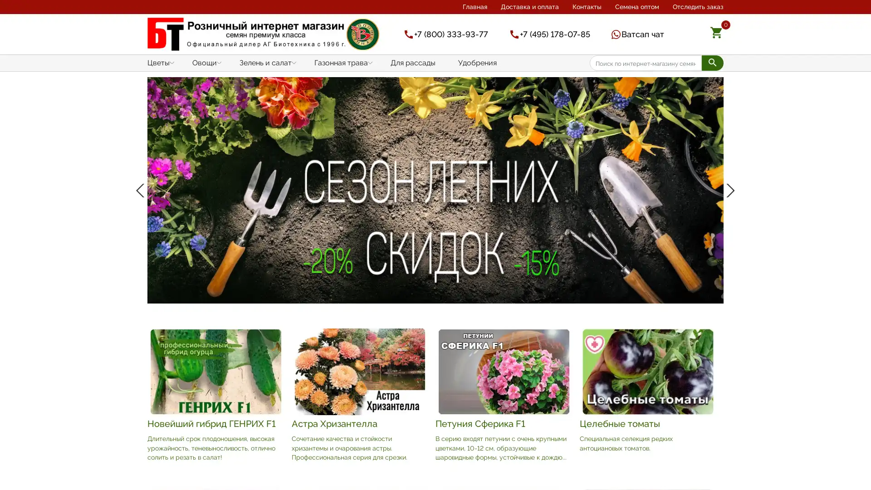 This screenshot has width=871, height=490. What do you see at coordinates (729, 190) in the screenshot?
I see `Next` at bounding box center [729, 190].